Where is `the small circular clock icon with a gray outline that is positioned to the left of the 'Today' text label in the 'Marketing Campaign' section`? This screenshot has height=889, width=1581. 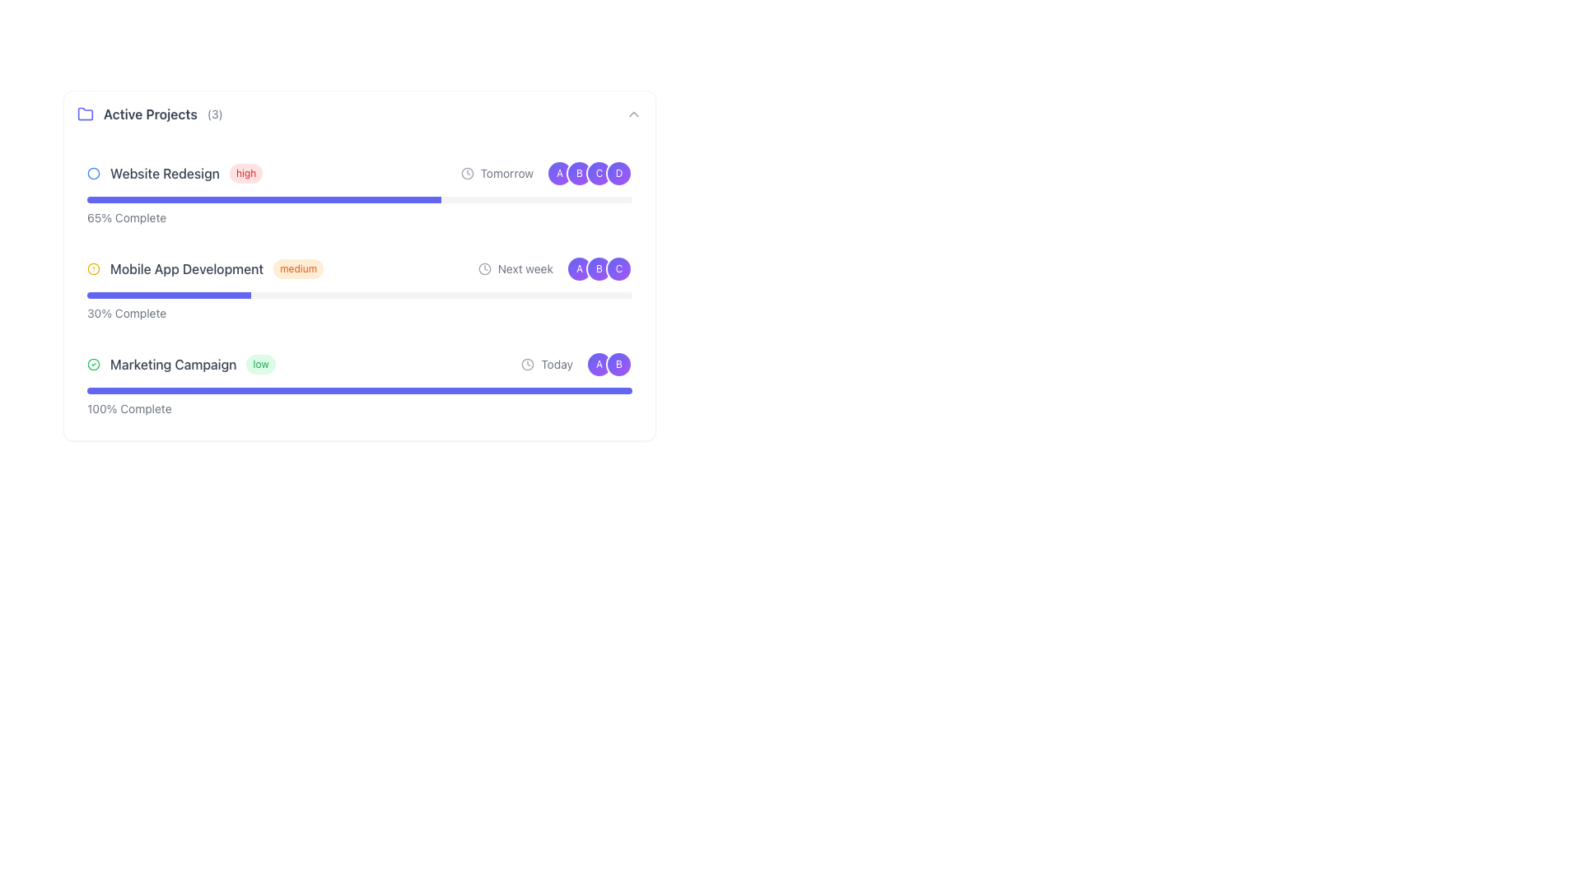 the small circular clock icon with a gray outline that is positioned to the left of the 'Today' text label in the 'Marketing Campaign' section is located at coordinates (528, 364).